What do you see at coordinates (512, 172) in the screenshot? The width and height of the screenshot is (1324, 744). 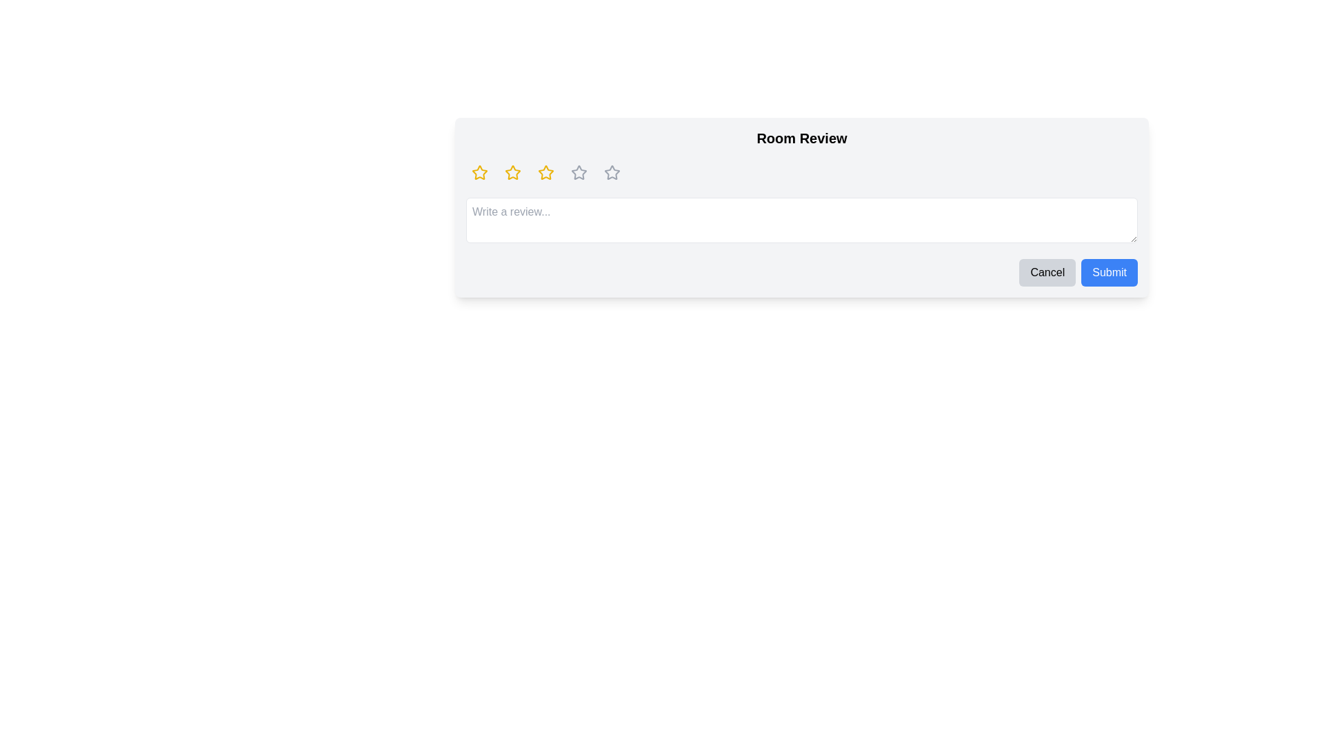 I see `the second star icon to rate as two stars in the rating and review section` at bounding box center [512, 172].